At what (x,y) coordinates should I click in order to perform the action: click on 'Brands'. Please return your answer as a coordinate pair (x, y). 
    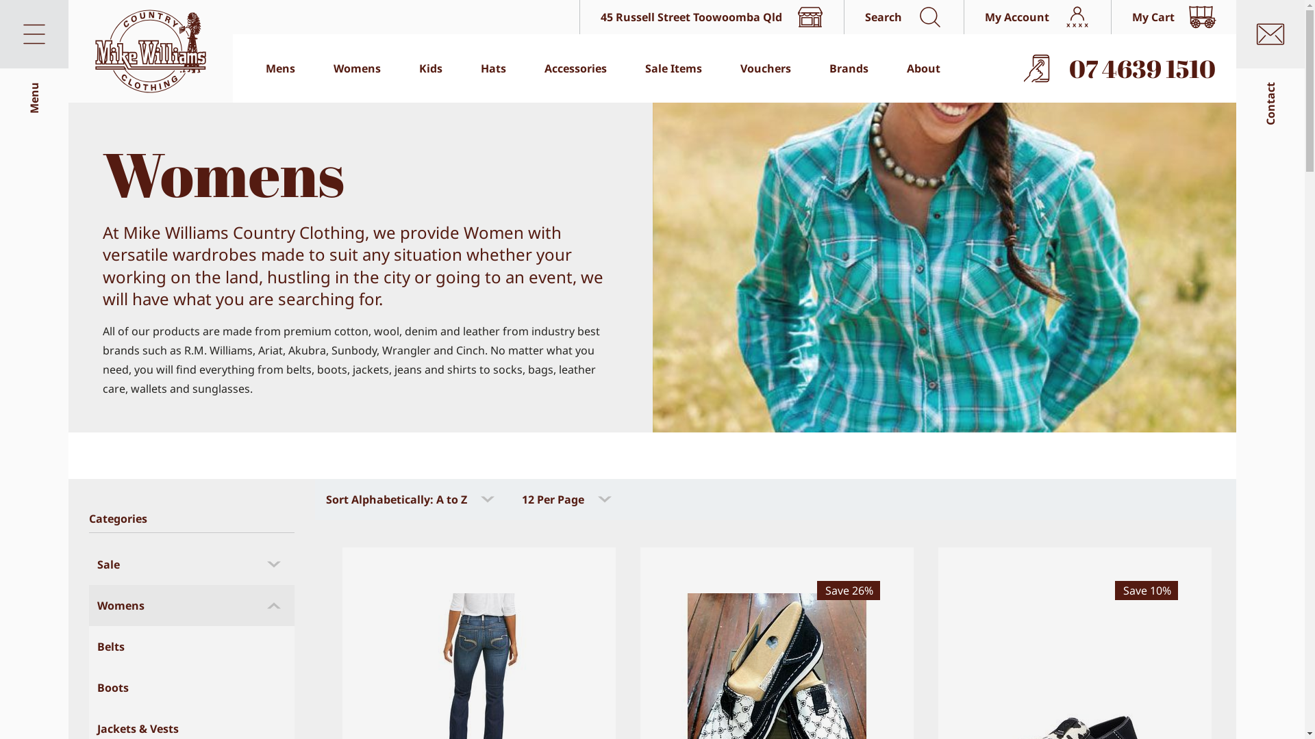
    Looking at the image, I should click on (848, 68).